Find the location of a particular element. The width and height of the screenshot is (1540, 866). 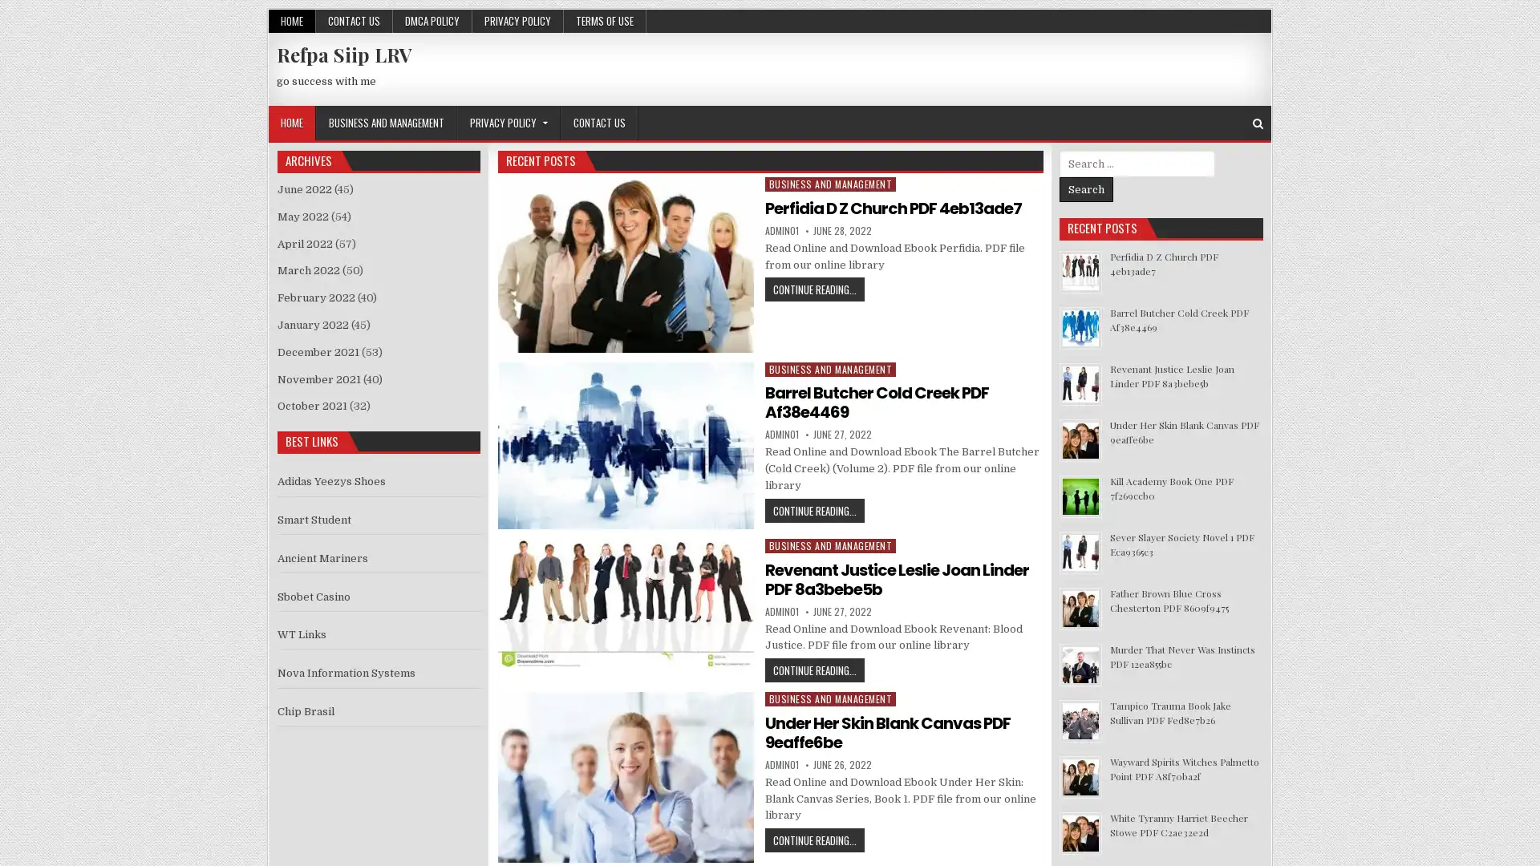

Search is located at coordinates (1086, 188).